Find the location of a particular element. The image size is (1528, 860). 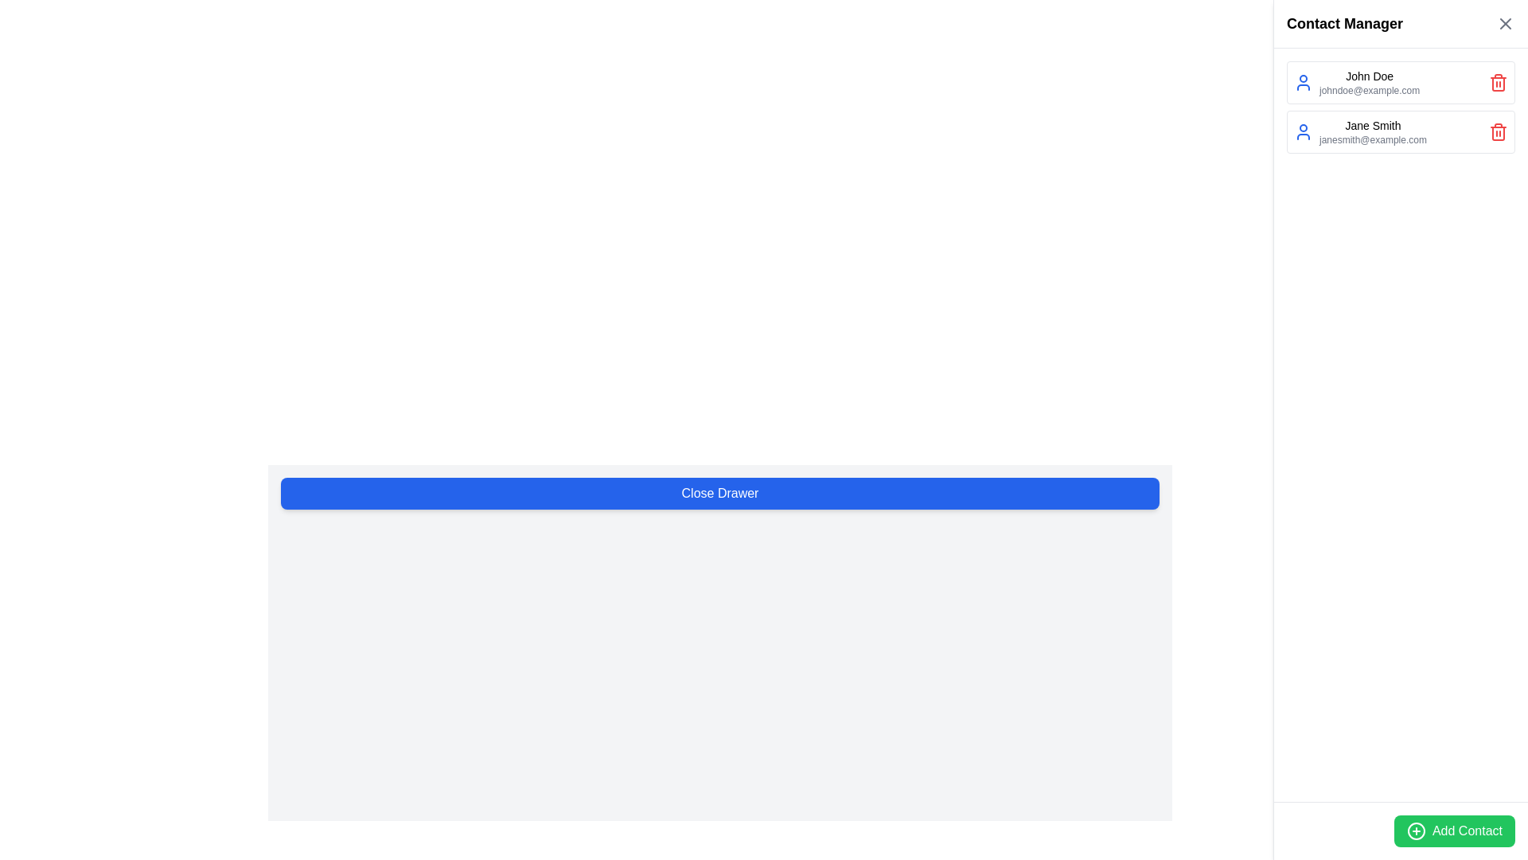

text 'John Doe' from the first line of the contact card in the sidebar of the 'Contact Manager' section is located at coordinates (1369, 76).